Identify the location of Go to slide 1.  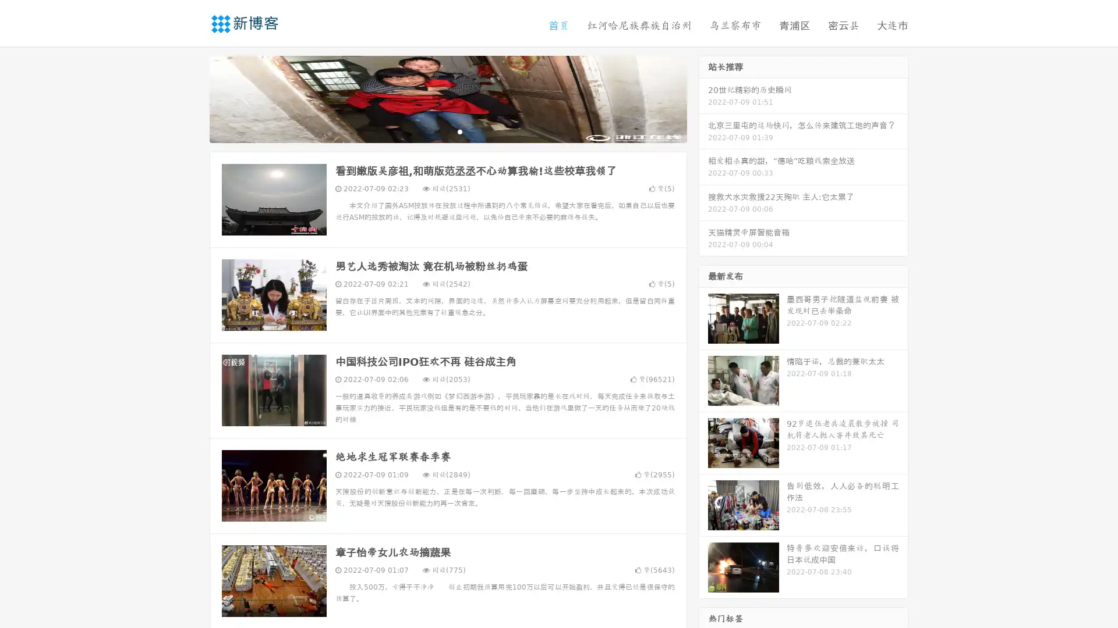
(436, 131).